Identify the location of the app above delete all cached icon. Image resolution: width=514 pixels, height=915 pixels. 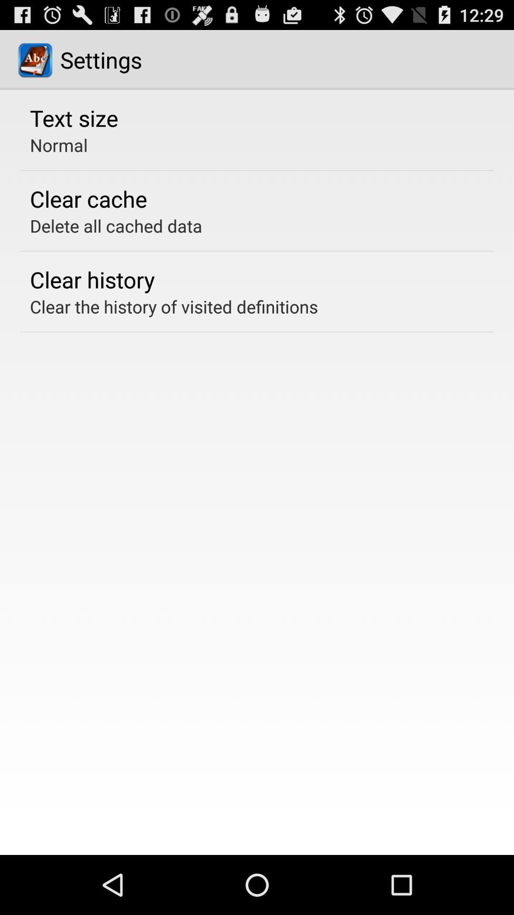
(88, 198).